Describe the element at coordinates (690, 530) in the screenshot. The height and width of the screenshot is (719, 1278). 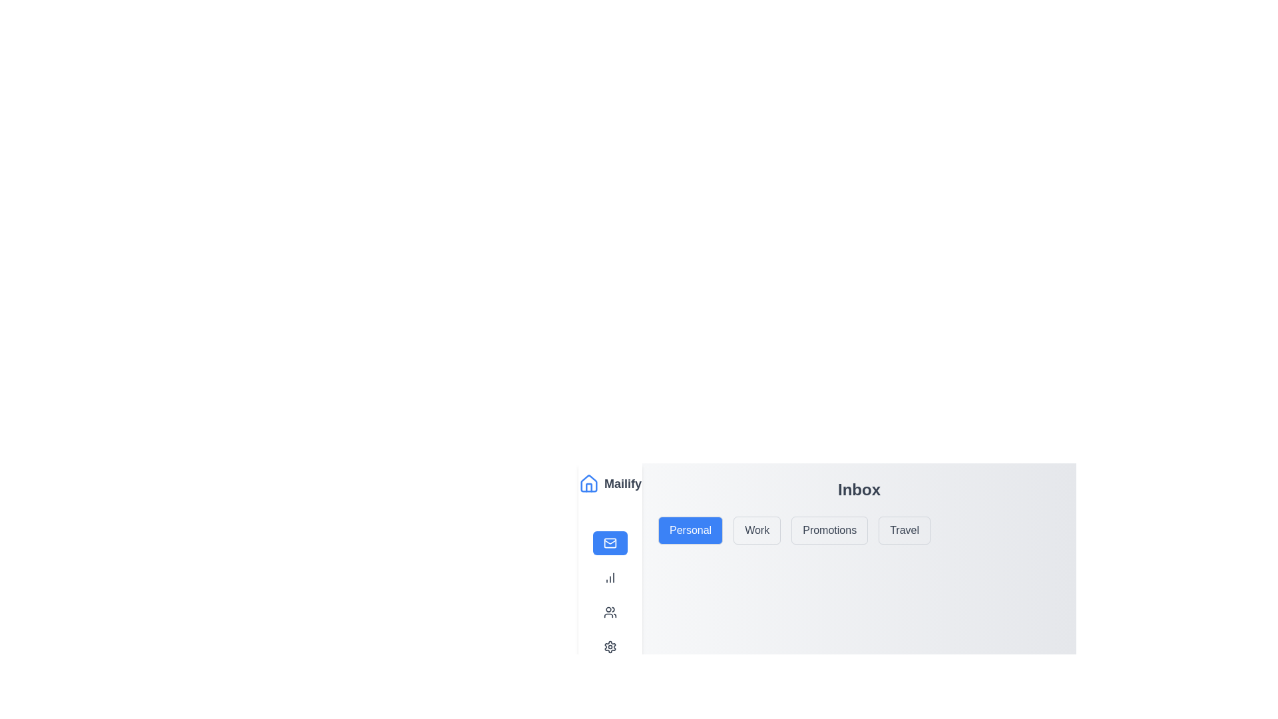
I see `the 'Personal' category selector button located at the leftmost position in a row of four buttons` at that location.